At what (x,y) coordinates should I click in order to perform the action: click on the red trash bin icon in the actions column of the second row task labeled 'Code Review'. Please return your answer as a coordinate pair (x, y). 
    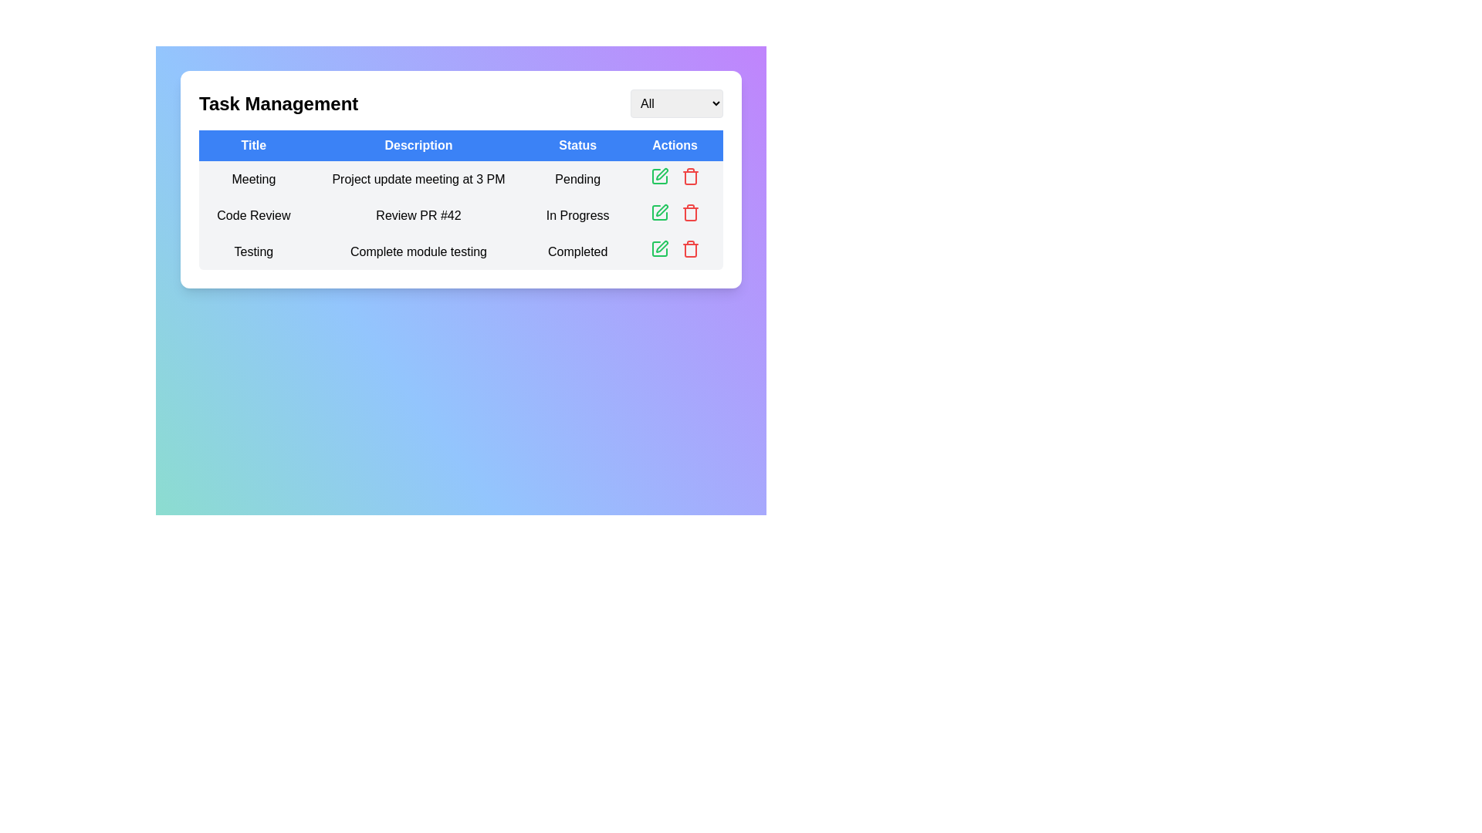
    Looking at the image, I should click on (689, 213).